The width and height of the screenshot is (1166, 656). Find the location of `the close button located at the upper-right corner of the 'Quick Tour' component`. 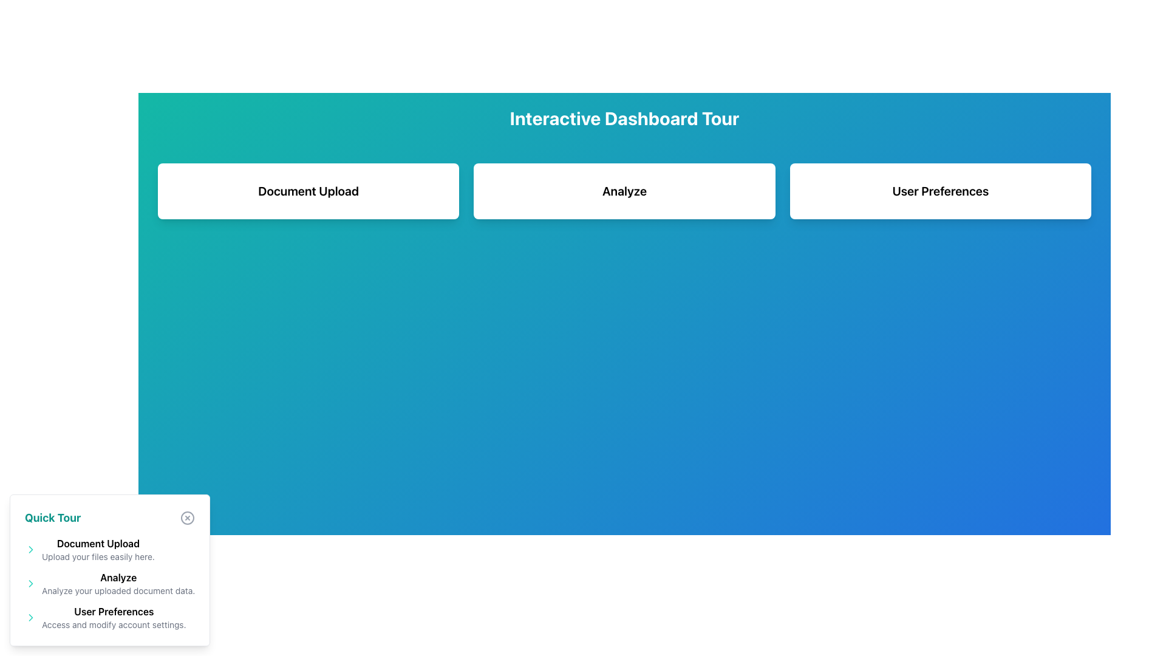

the close button located at the upper-right corner of the 'Quick Tour' component is located at coordinates (187, 518).